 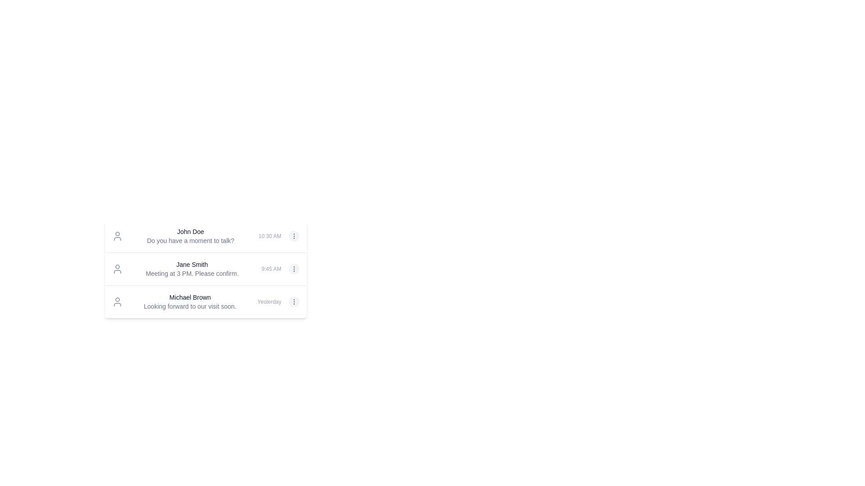 What do you see at coordinates (205, 235) in the screenshot?
I see `the first list item containing the profile icon, name 'John Doe', message 'Do you have a moment to talk?', timestamp '10:30 AM', and a vertical ellipsis icon` at bounding box center [205, 235].